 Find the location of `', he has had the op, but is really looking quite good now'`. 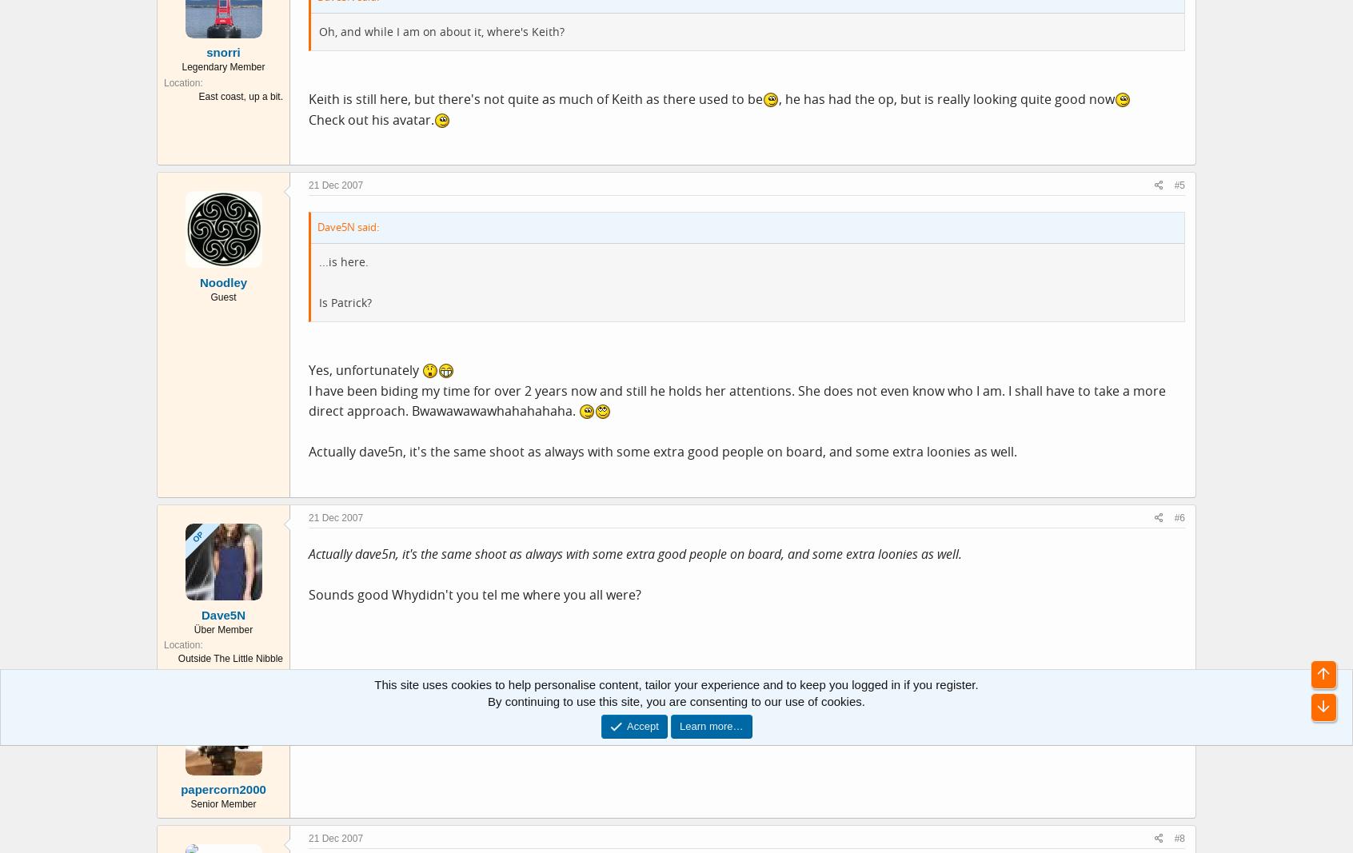

', he has had the op, but is really looking quite good now' is located at coordinates (946, 98).